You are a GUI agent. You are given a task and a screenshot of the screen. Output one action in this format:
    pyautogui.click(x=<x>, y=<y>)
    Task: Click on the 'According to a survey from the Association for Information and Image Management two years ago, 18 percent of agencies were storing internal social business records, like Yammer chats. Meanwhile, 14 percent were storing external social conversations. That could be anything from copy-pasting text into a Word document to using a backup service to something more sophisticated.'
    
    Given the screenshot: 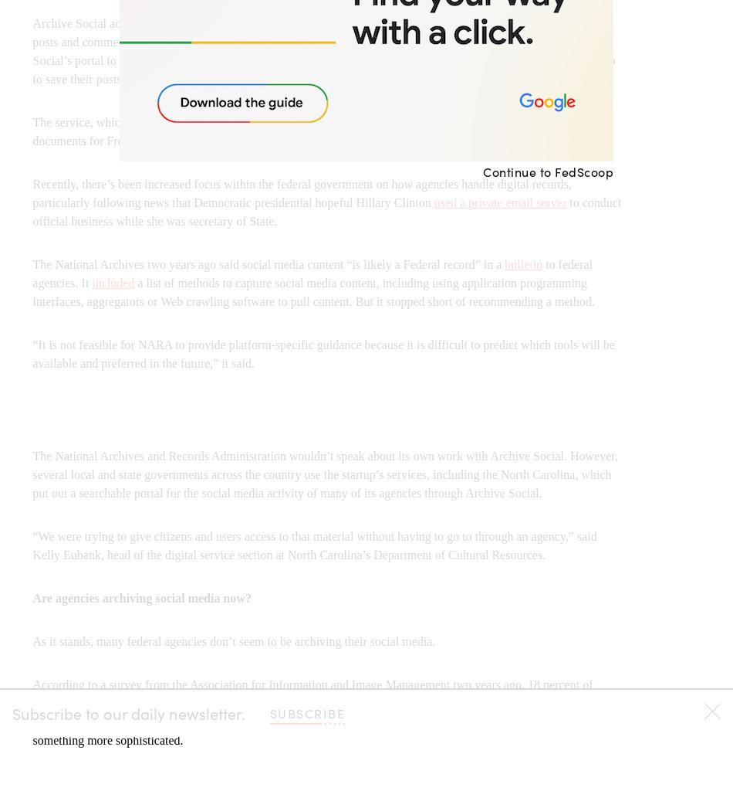 What is the action you would take?
    pyautogui.click(x=326, y=712)
    